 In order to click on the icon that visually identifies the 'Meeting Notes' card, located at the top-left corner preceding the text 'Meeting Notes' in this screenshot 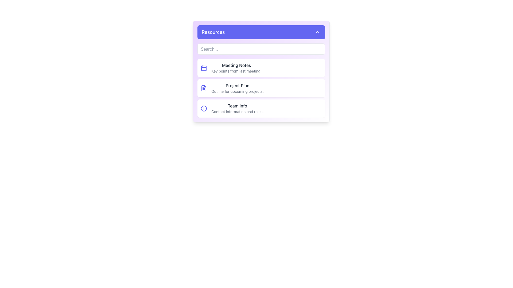, I will do `click(204, 67)`.